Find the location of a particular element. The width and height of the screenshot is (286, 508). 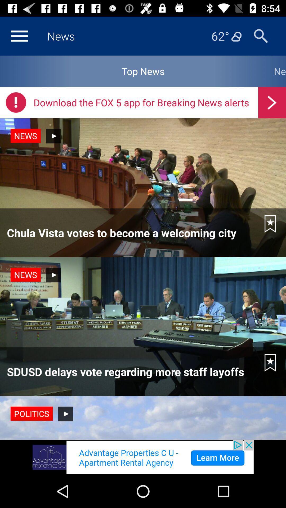

the advertisement is located at coordinates (143, 457).